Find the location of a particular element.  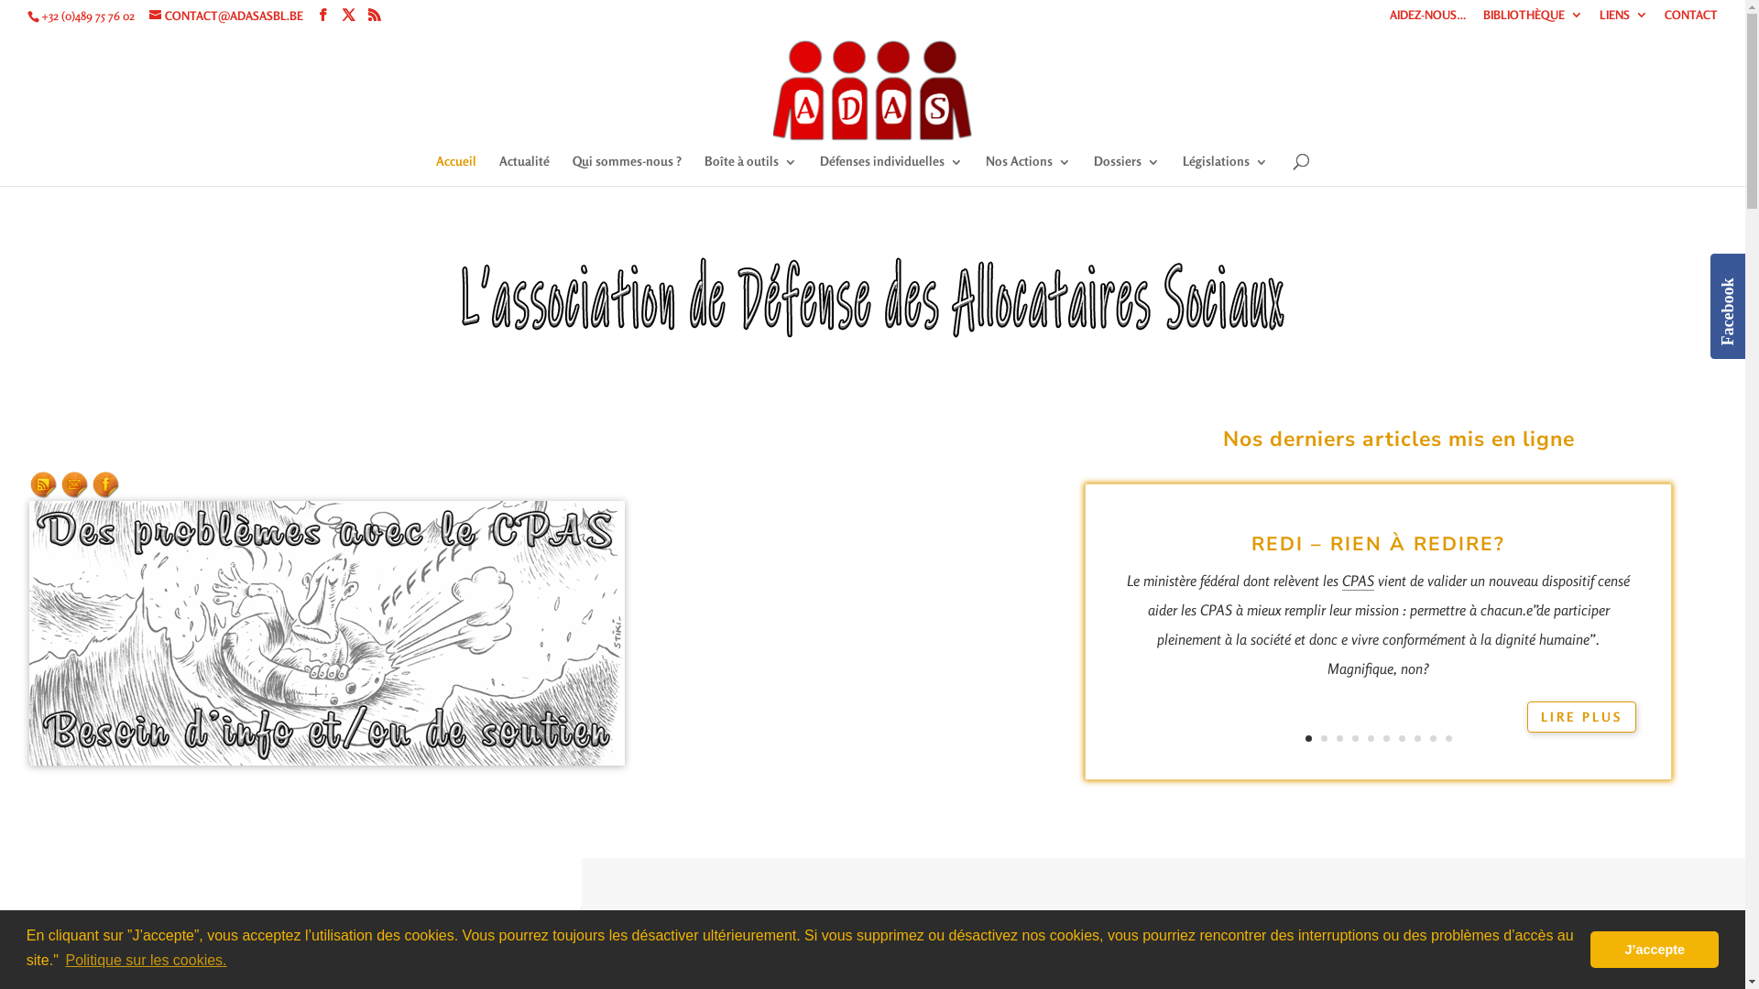

'4' is located at coordinates (1352, 737).